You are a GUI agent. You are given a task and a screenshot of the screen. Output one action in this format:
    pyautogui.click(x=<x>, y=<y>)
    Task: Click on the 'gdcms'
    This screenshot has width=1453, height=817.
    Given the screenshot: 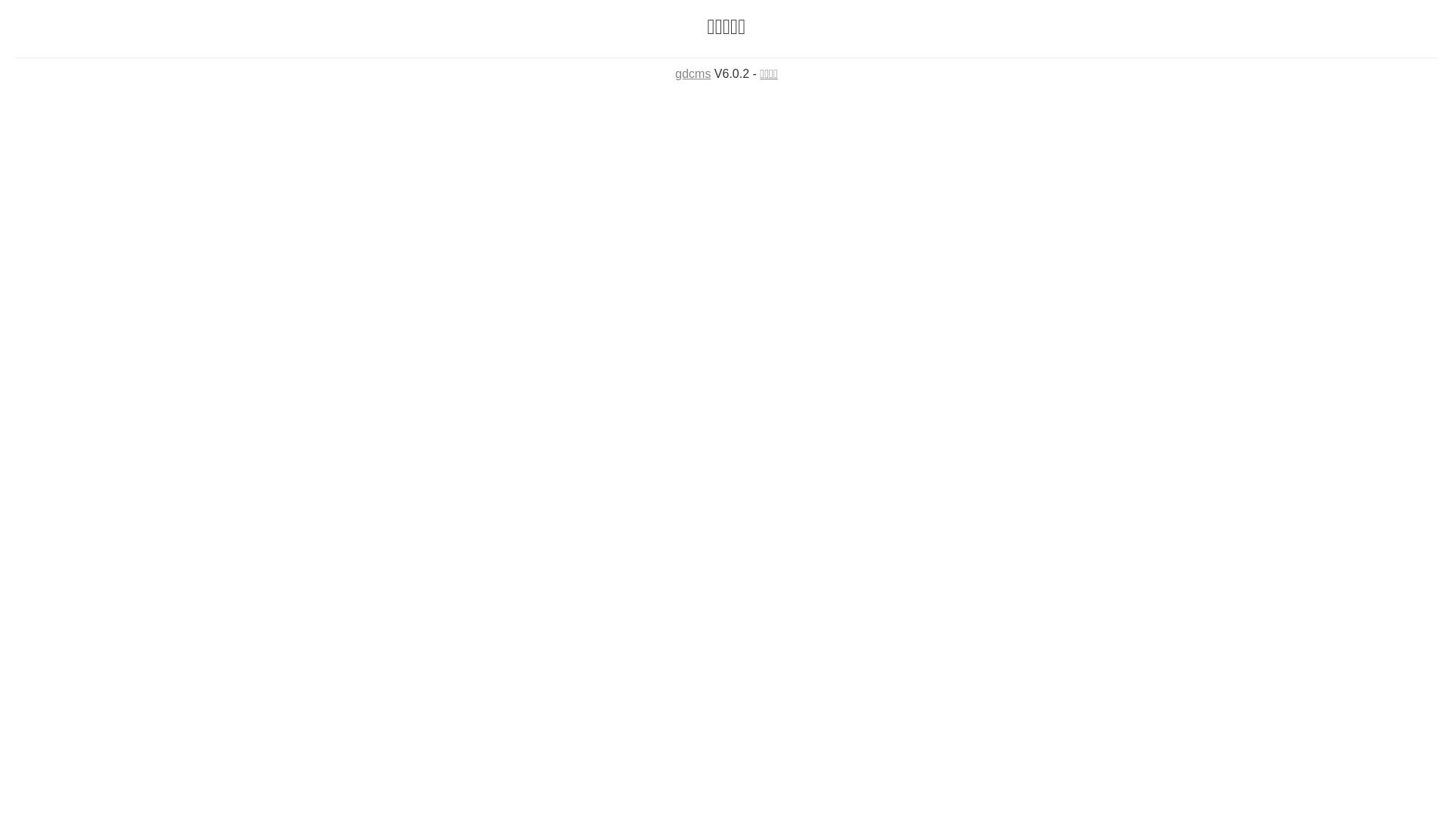 What is the action you would take?
    pyautogui.click(x=692, y=73)
    